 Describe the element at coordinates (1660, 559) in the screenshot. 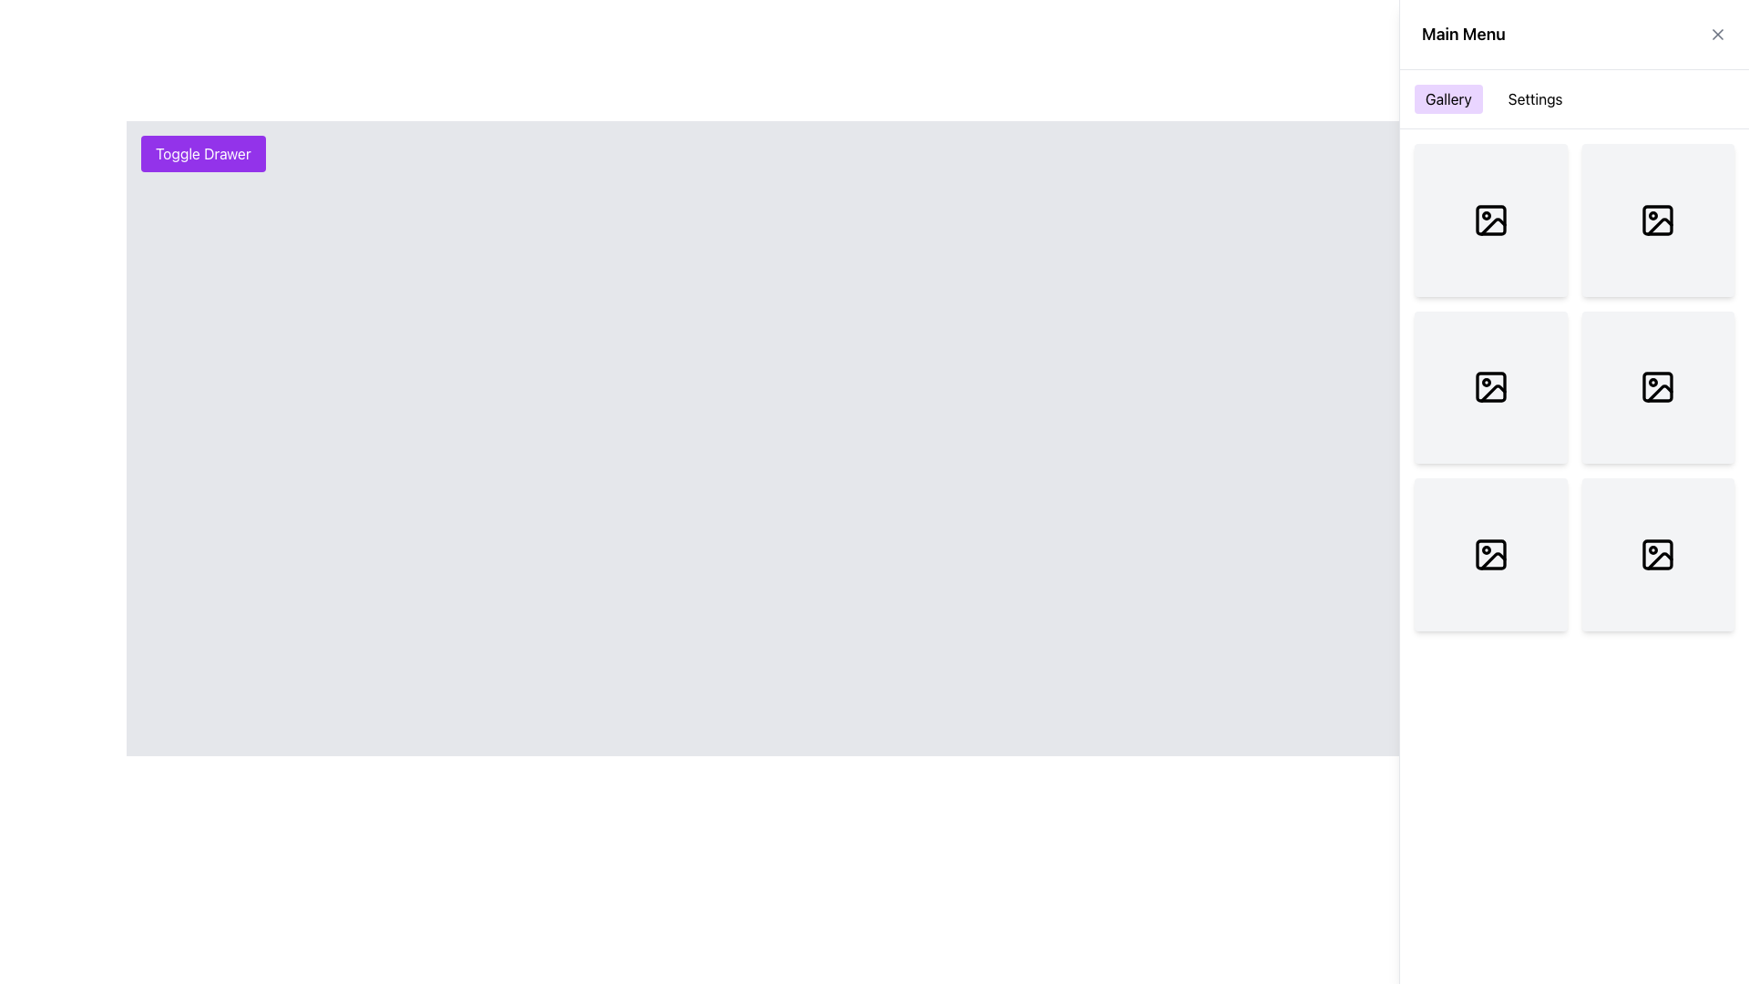

I see `the vector graphic icon located in the bottom-right corner of a grid, specifically the third icon in the second row` at that location.